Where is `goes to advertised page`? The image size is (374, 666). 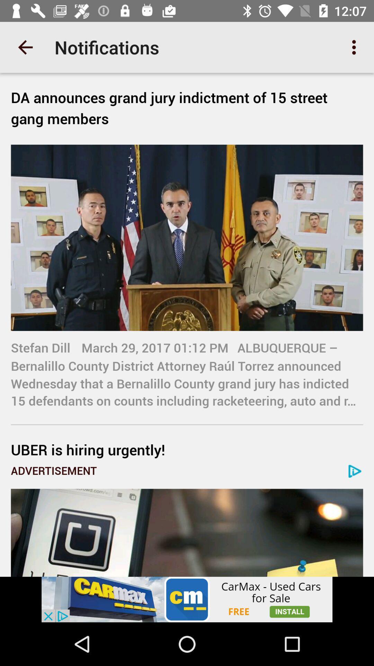 goes to advertised page is located at coordinates (187, 532).